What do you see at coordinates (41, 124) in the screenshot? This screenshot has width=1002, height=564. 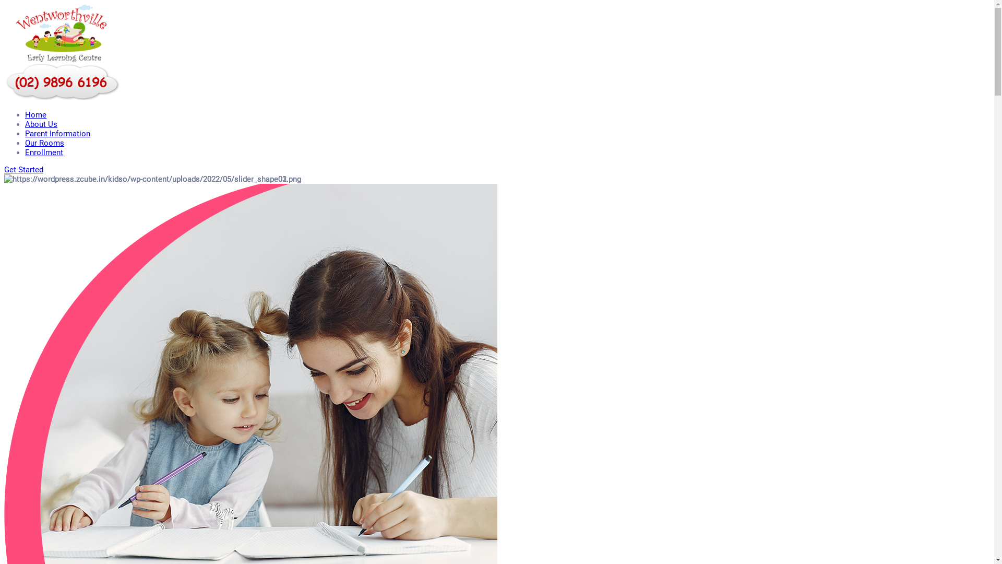 I see `'About Us'` at bounding box center [41, 124].